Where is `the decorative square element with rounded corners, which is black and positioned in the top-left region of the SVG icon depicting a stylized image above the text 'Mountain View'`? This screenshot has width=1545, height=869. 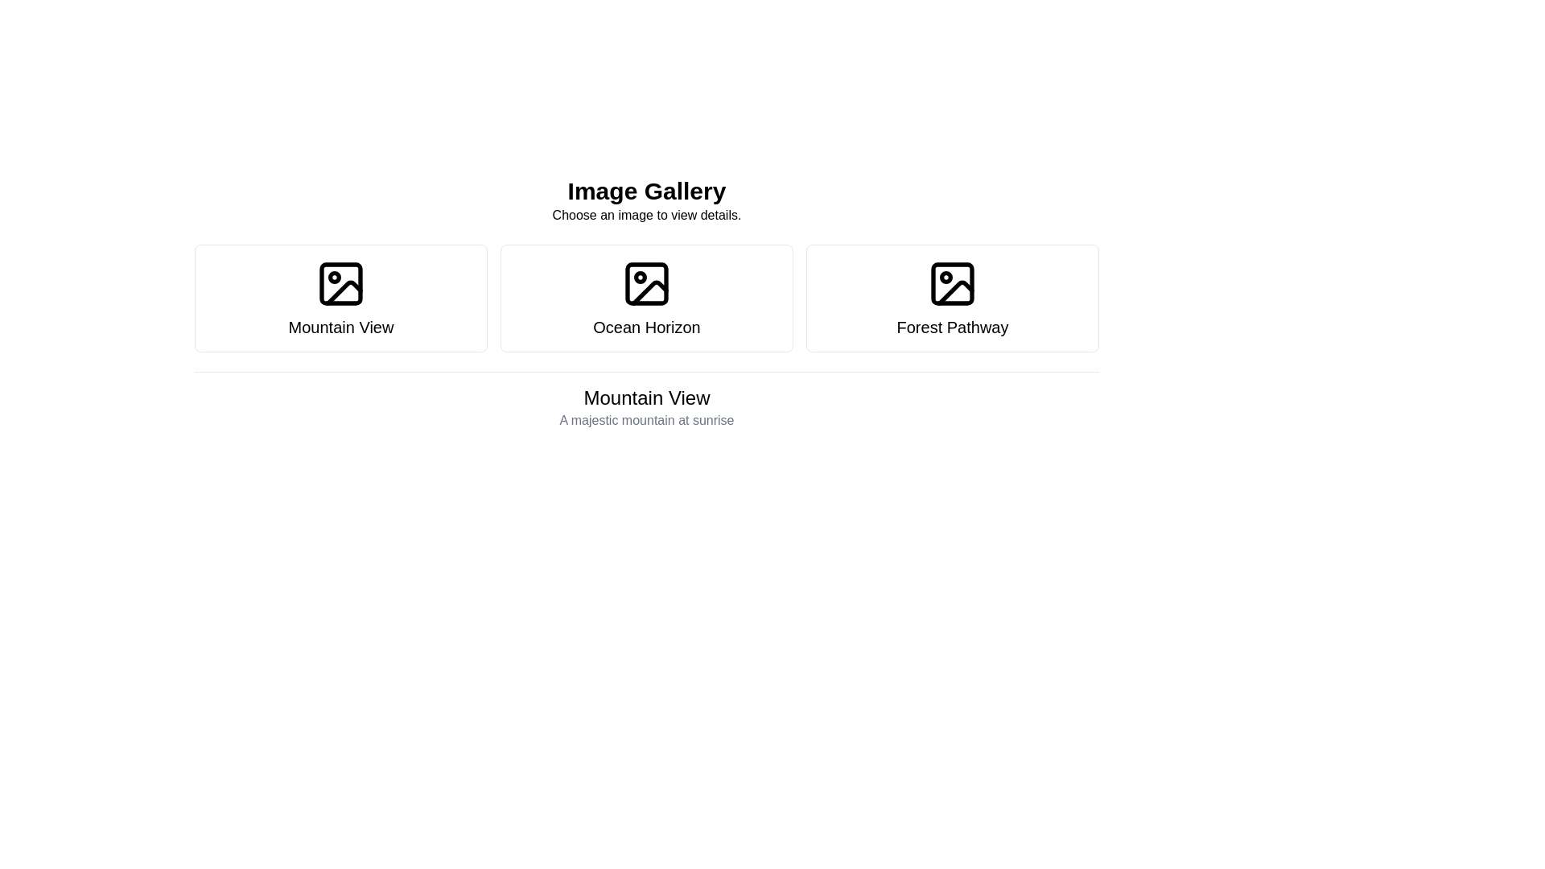
the decorative square element with rounded corners, which is black and positioned in the top-left region of the SVG icon depicting a stylized image above the text 'Mountain View' is located at coordinates (340, 283).